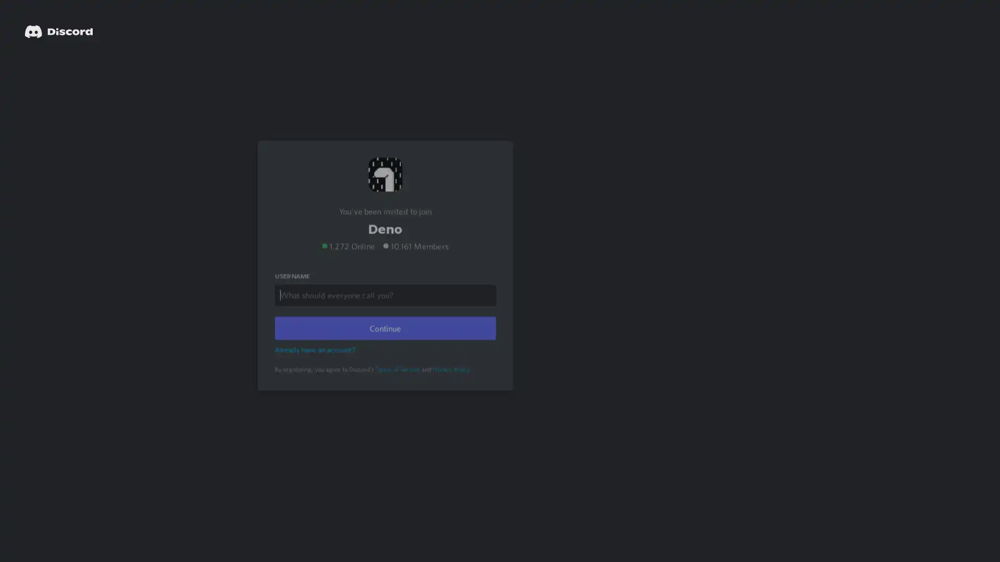 This screenshot has width=1000, height=562. What do you see at coordinates (316, 362) in the screenshot?
I see `Already have an account?` at bounding box center [316, 362].